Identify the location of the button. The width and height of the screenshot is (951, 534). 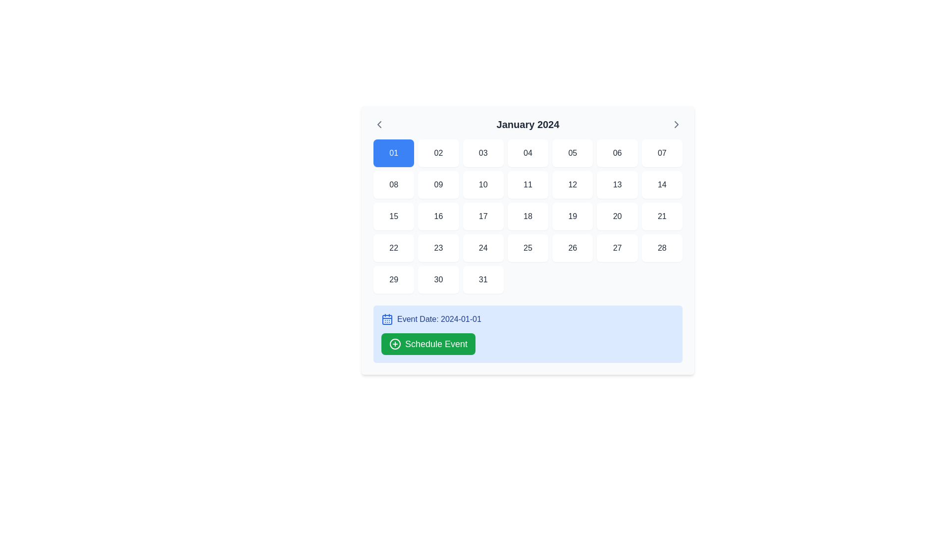
(393, 280).